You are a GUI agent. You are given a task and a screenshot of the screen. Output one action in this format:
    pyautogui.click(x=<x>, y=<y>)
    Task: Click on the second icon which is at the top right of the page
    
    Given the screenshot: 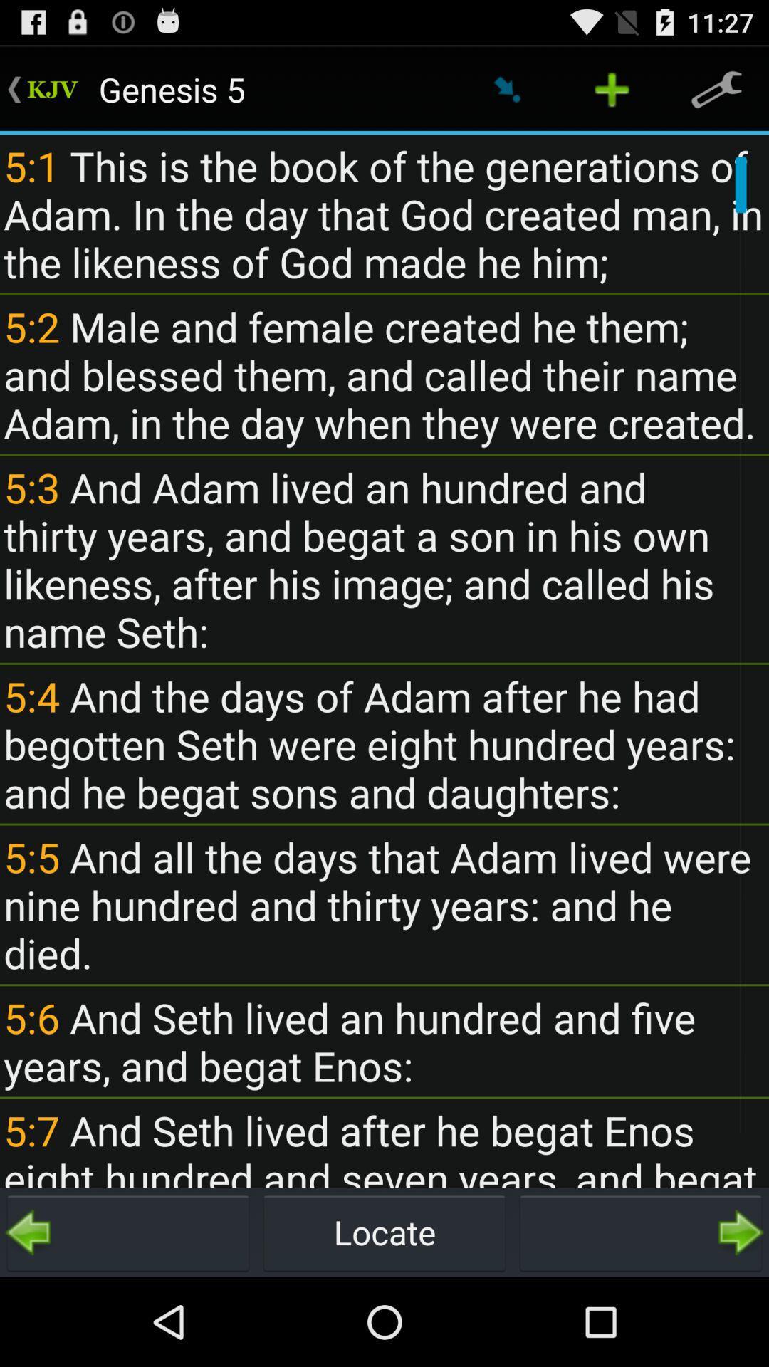 What is the action you would take?
    pyautogui.click(x=611, y=88)
    